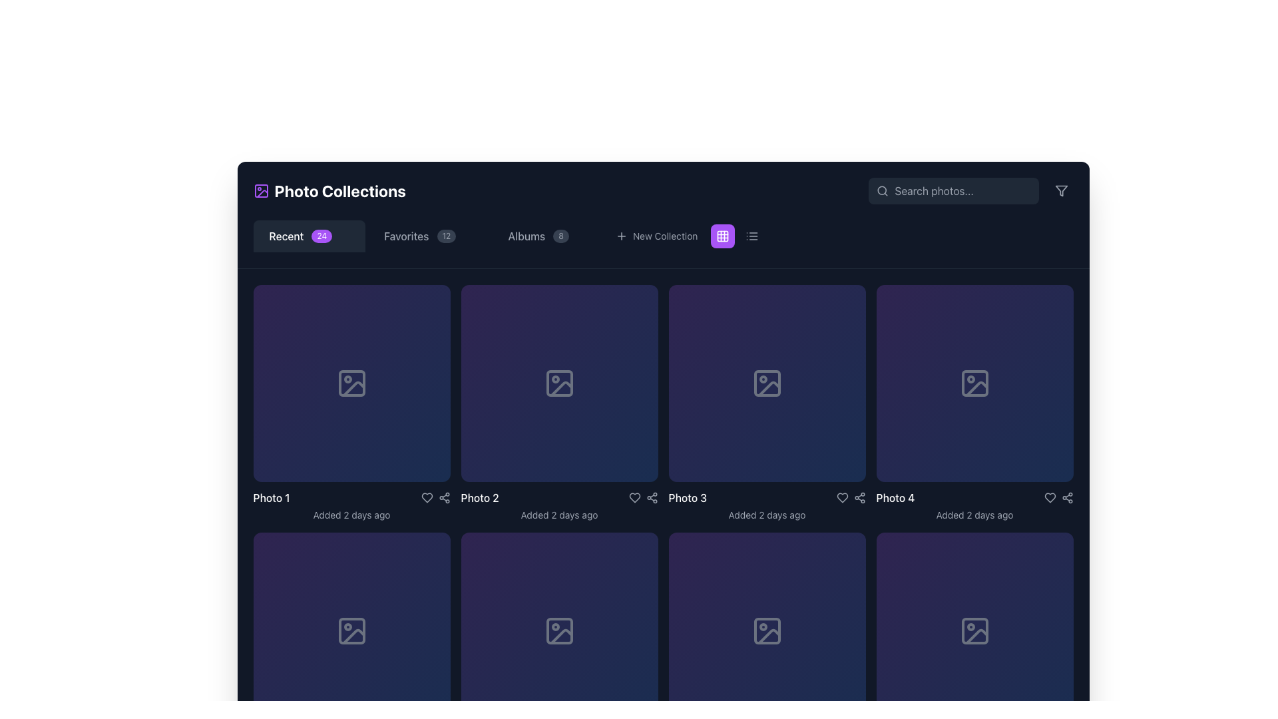 Image resolution: width=1278 pixels, height=719 pixels. What do you see at coordinates (261, 190) in the screenshot?
I see `the blank square-shaped graphic with rounded corners located in the top-left corner of the application's header, next to the 'Photo Collections' text` at bounding box center [261, 190].